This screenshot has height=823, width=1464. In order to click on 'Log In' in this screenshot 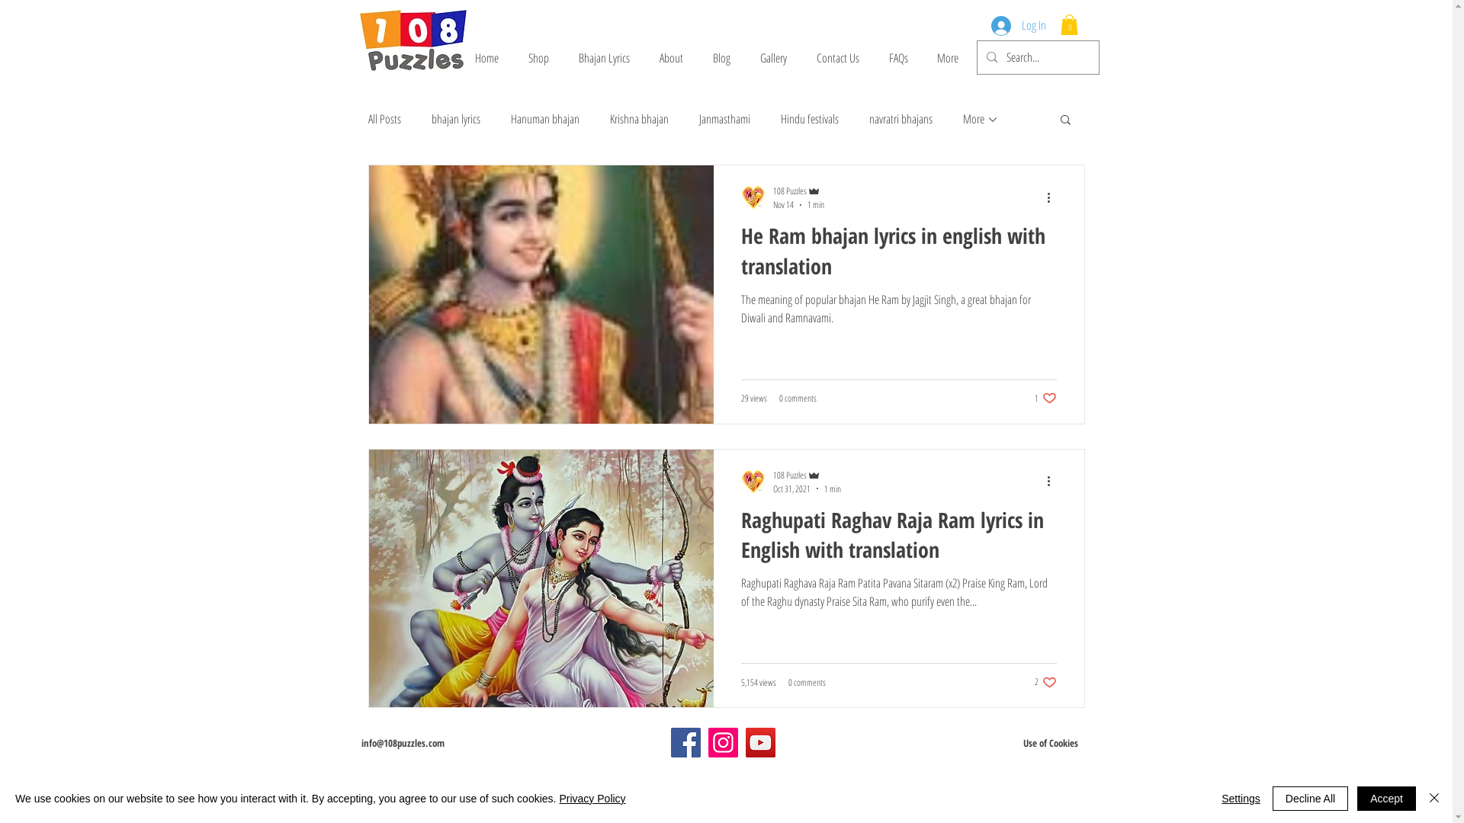, I will do `click(981, 25)`.